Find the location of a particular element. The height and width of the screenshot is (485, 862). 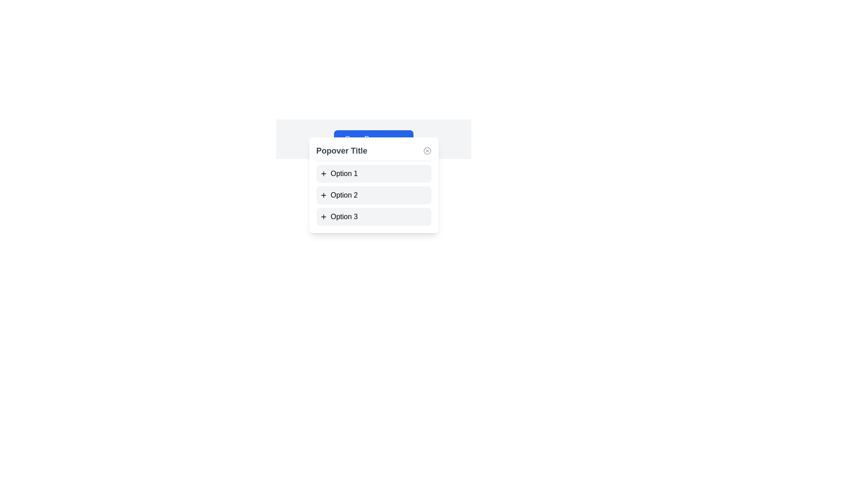

the plus sign icon located to the left of the label 'Option 1' is located at coordinates (323, 173).